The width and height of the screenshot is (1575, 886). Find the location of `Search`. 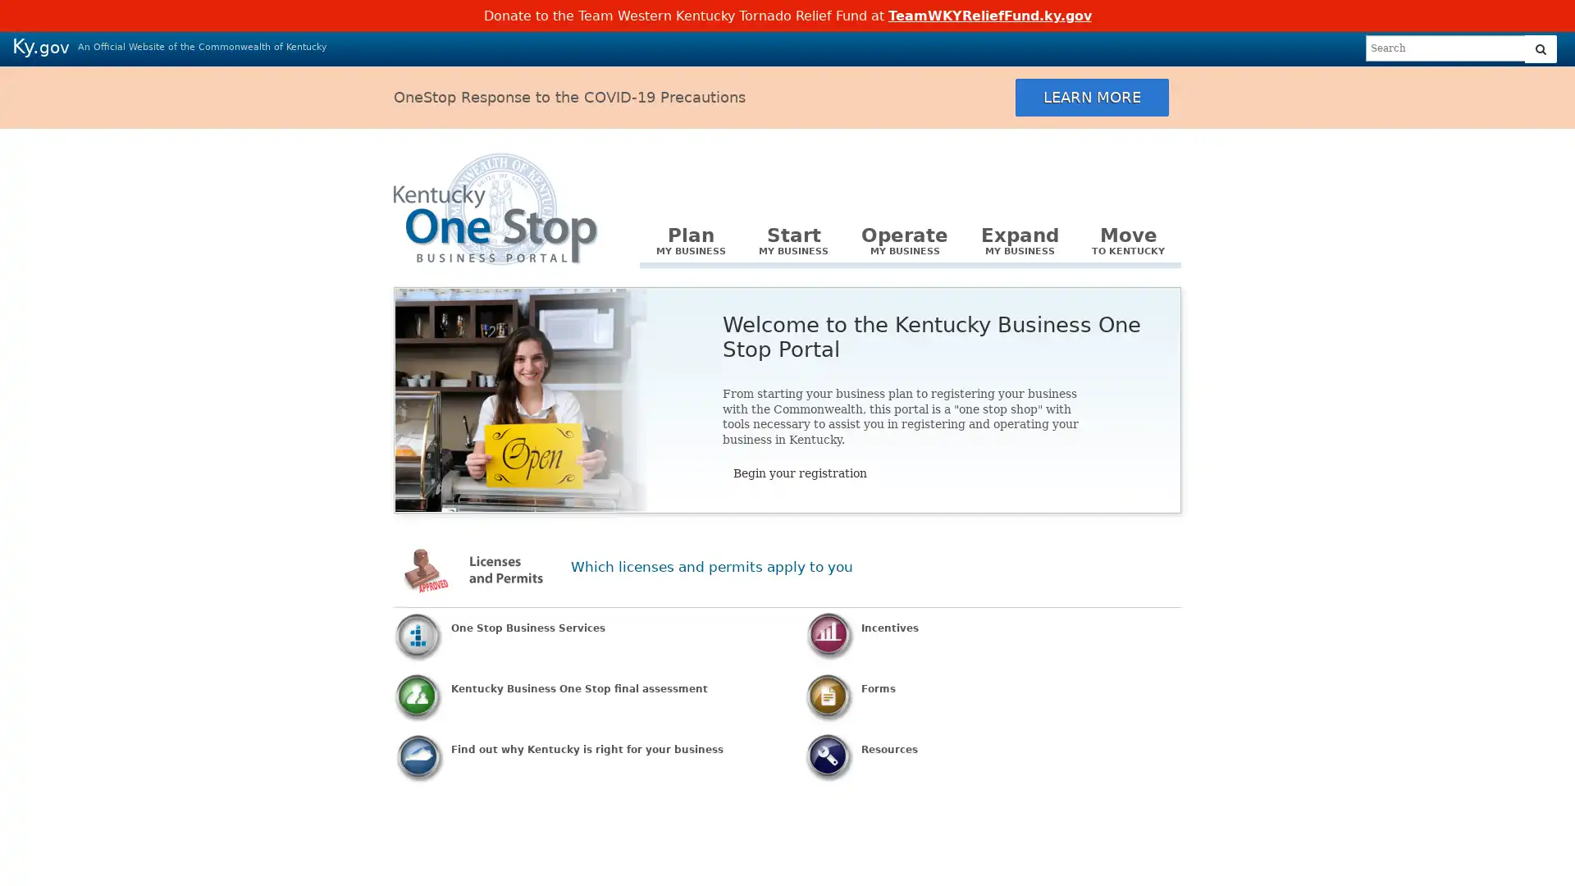

Search is located at coordinates (1539, 48).